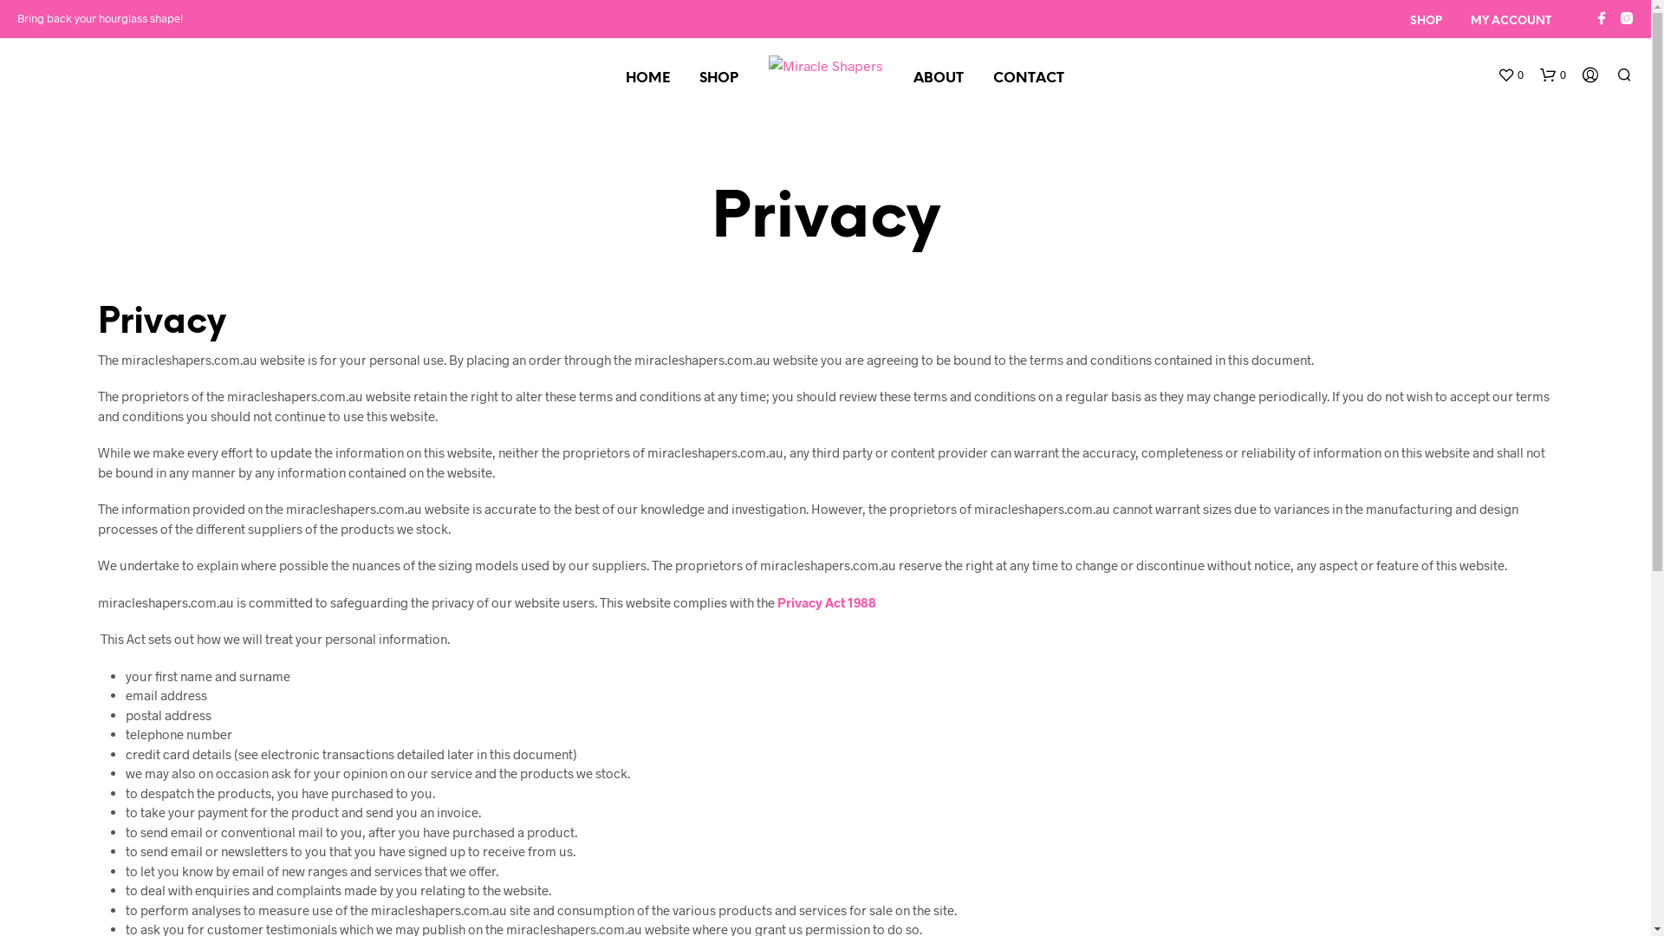  What do you see at coordinates (646, 79) in the screenshot?
I see `'HOME'` at bounding box center [646, 79].